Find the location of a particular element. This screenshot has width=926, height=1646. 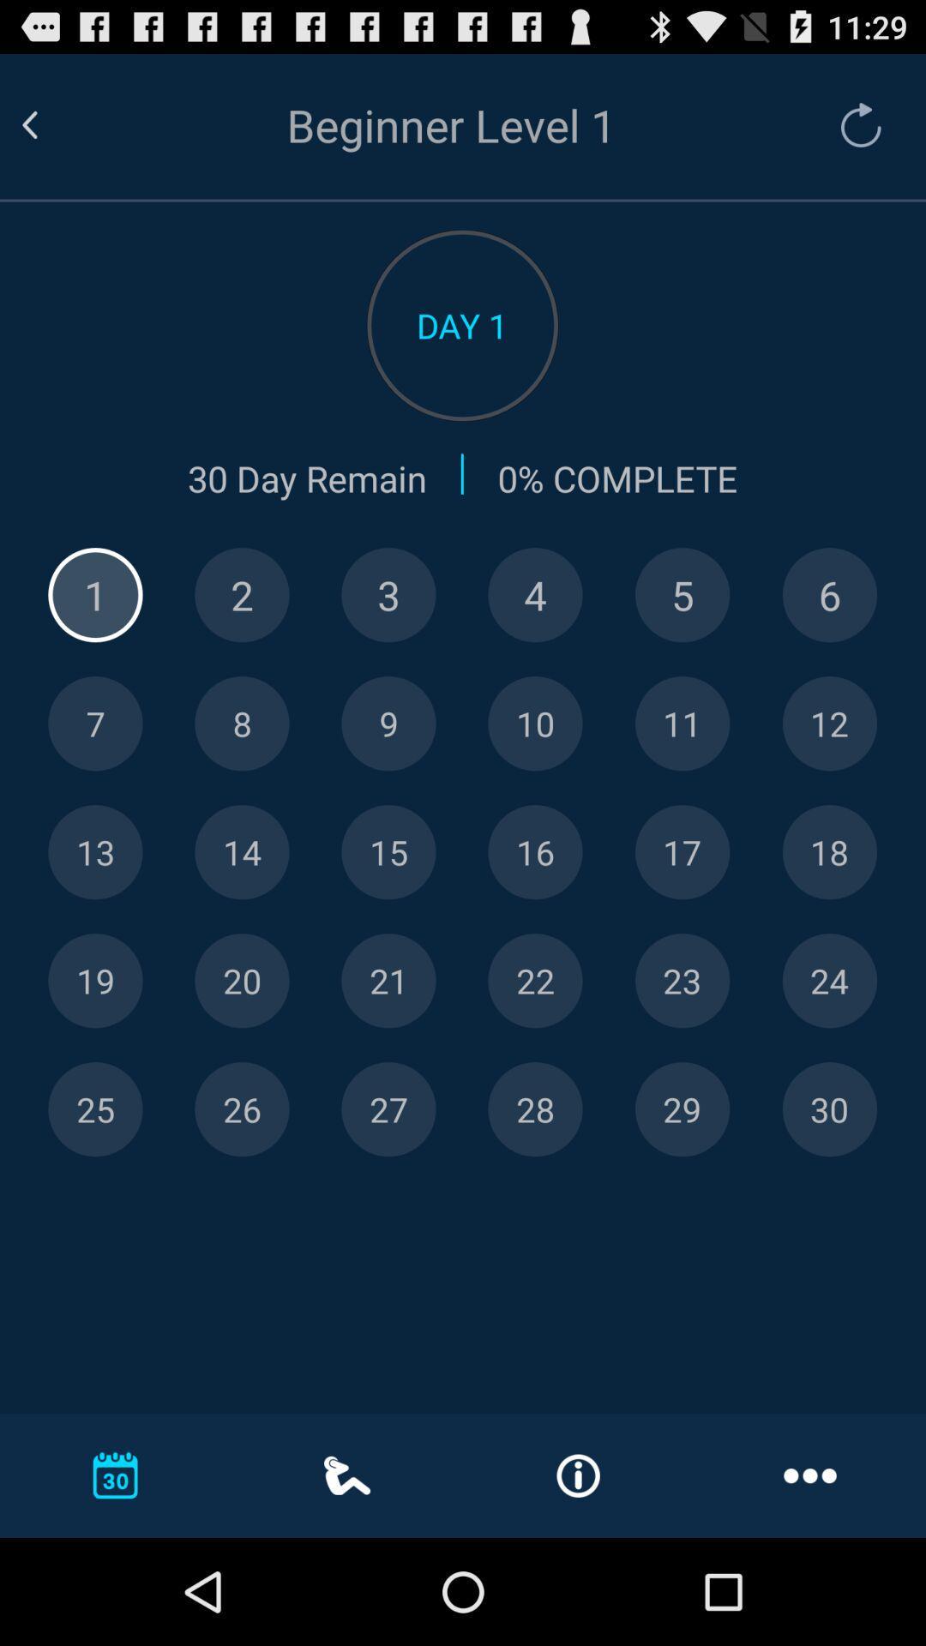

display day 11 is located at coordinates (682, 724).